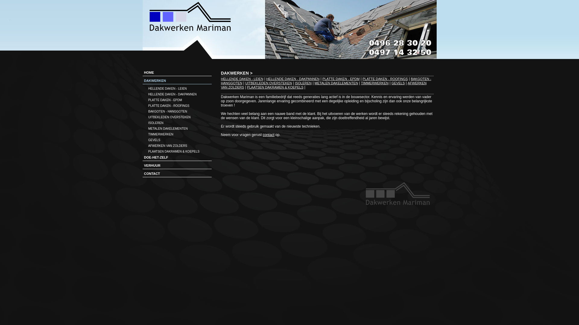 This screenshot has width=579, height=325. I want to click on 'PLATTE DAKEN - EPDM', so click(341, 79).